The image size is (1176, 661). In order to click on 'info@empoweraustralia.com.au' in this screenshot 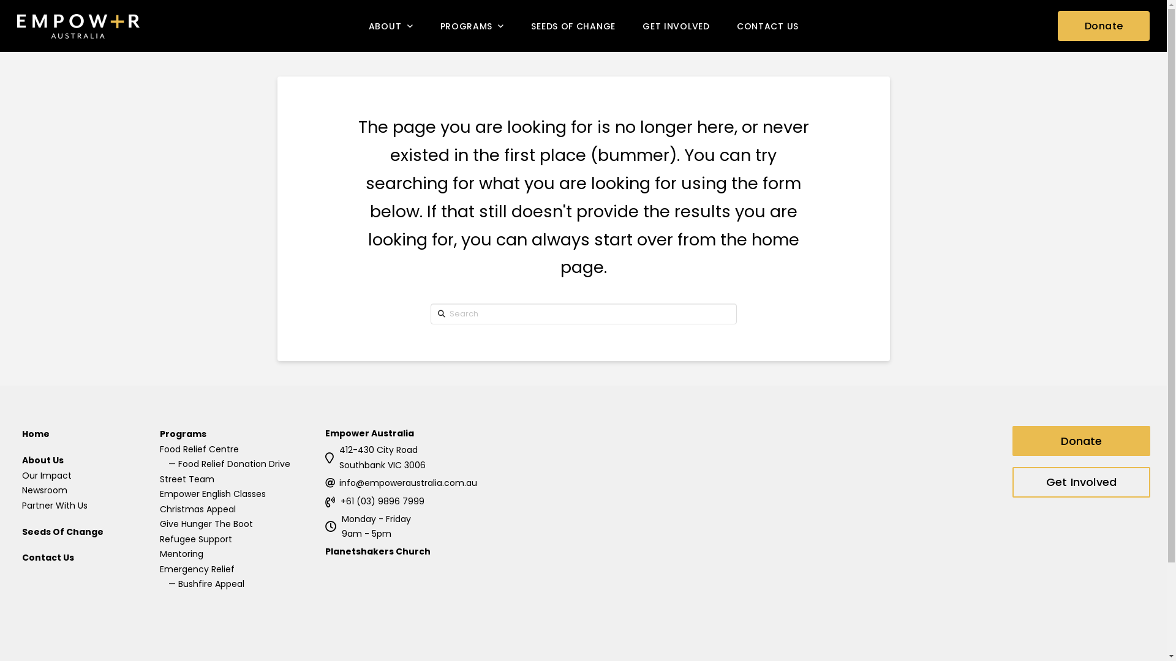, I will do `click(408, 482)`.